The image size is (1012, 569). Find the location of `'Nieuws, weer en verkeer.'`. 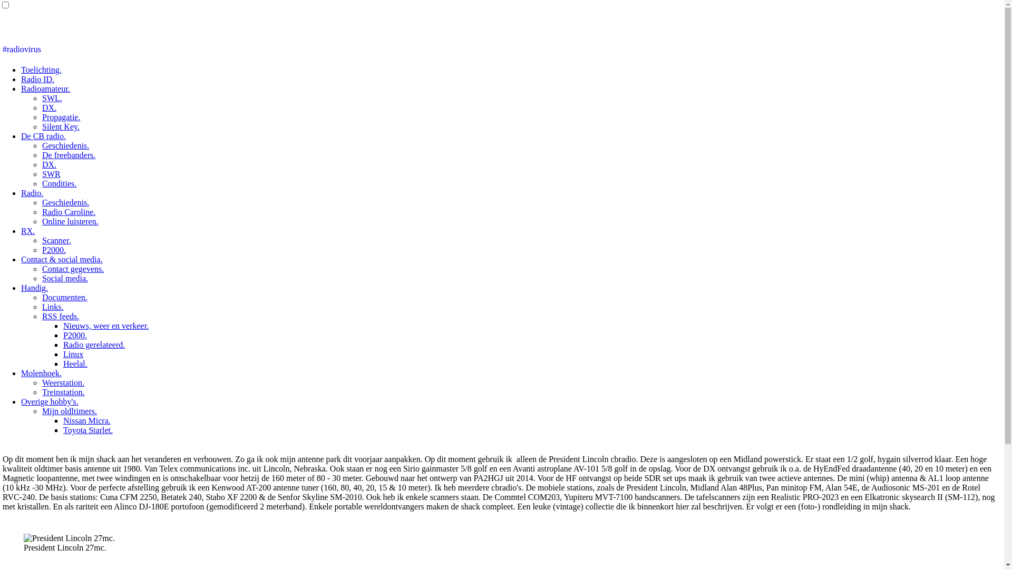

'Nieuws, weer en verkeer.' is located at coordinates (63, 325).